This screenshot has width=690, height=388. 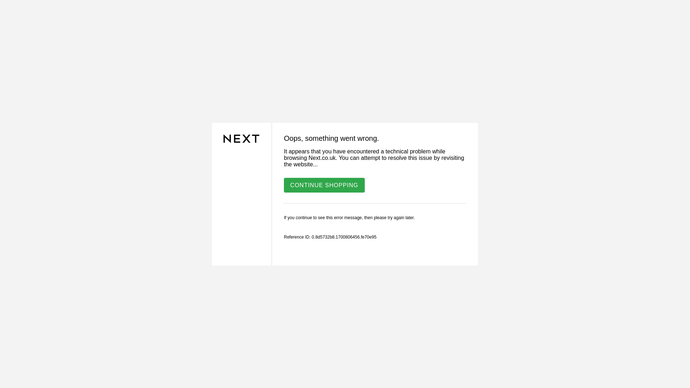 What do you see at coordinates (284, 184) in the screenshot?
I see `'CONTINUE SHOPPING'` at bounding box center [284, 184].